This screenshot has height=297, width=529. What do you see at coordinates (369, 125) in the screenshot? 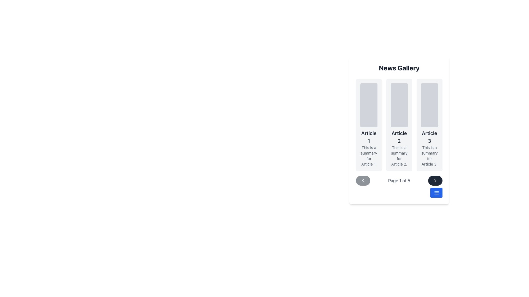
I see `the image of the first Content Card in the News Gallery section to preview the article` at bounding box center [369, 125].